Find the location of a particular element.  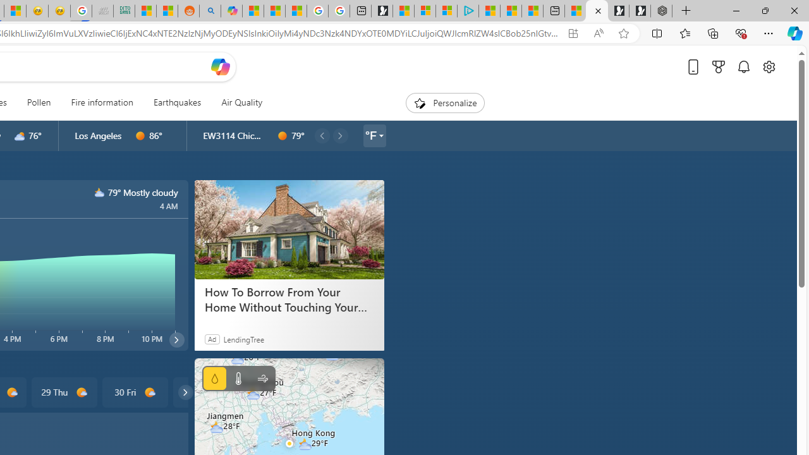

'These 3 Stocks Pay You More Than 5% to Own Them' is located at coordinates (532, 11).